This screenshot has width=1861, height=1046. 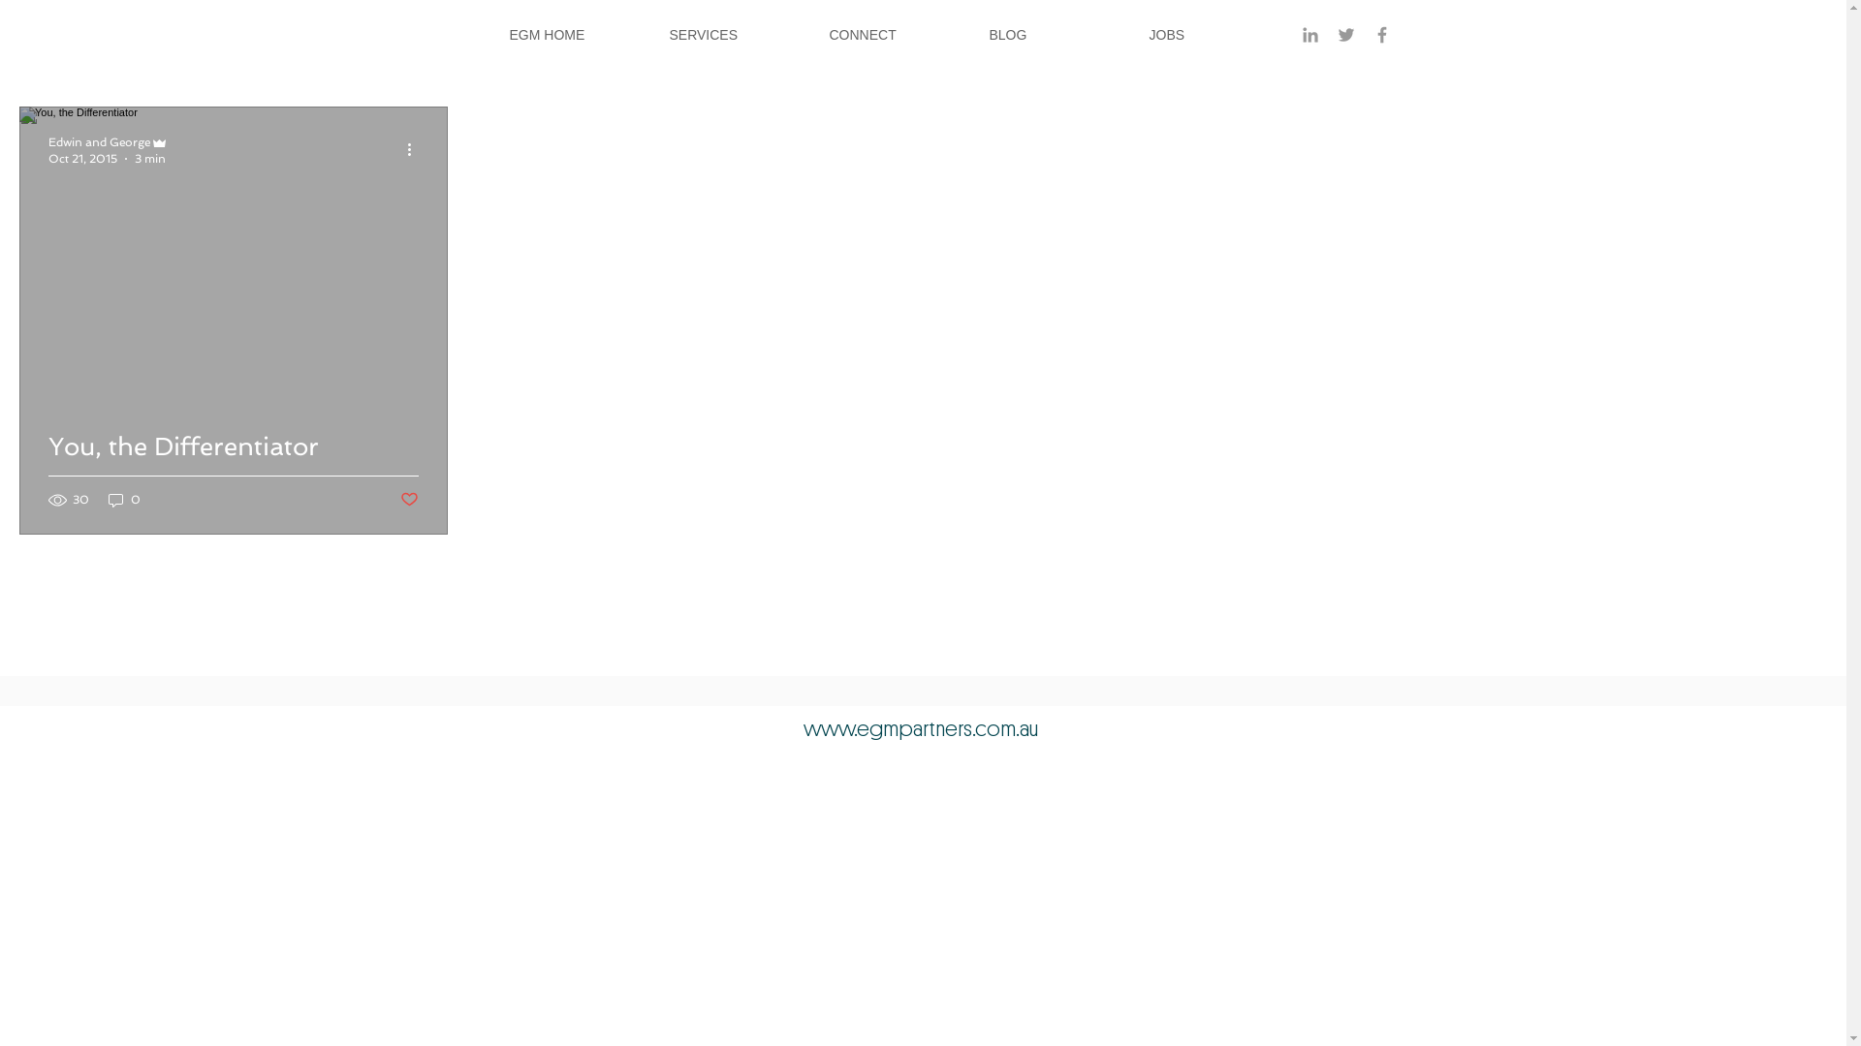 I want to click on 'Post not marked as liked', so click(x=408, y=499).